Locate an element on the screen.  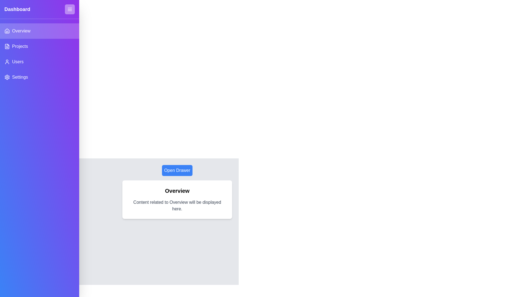
the menu item Overview from the list is located at coordinates (39, 31).